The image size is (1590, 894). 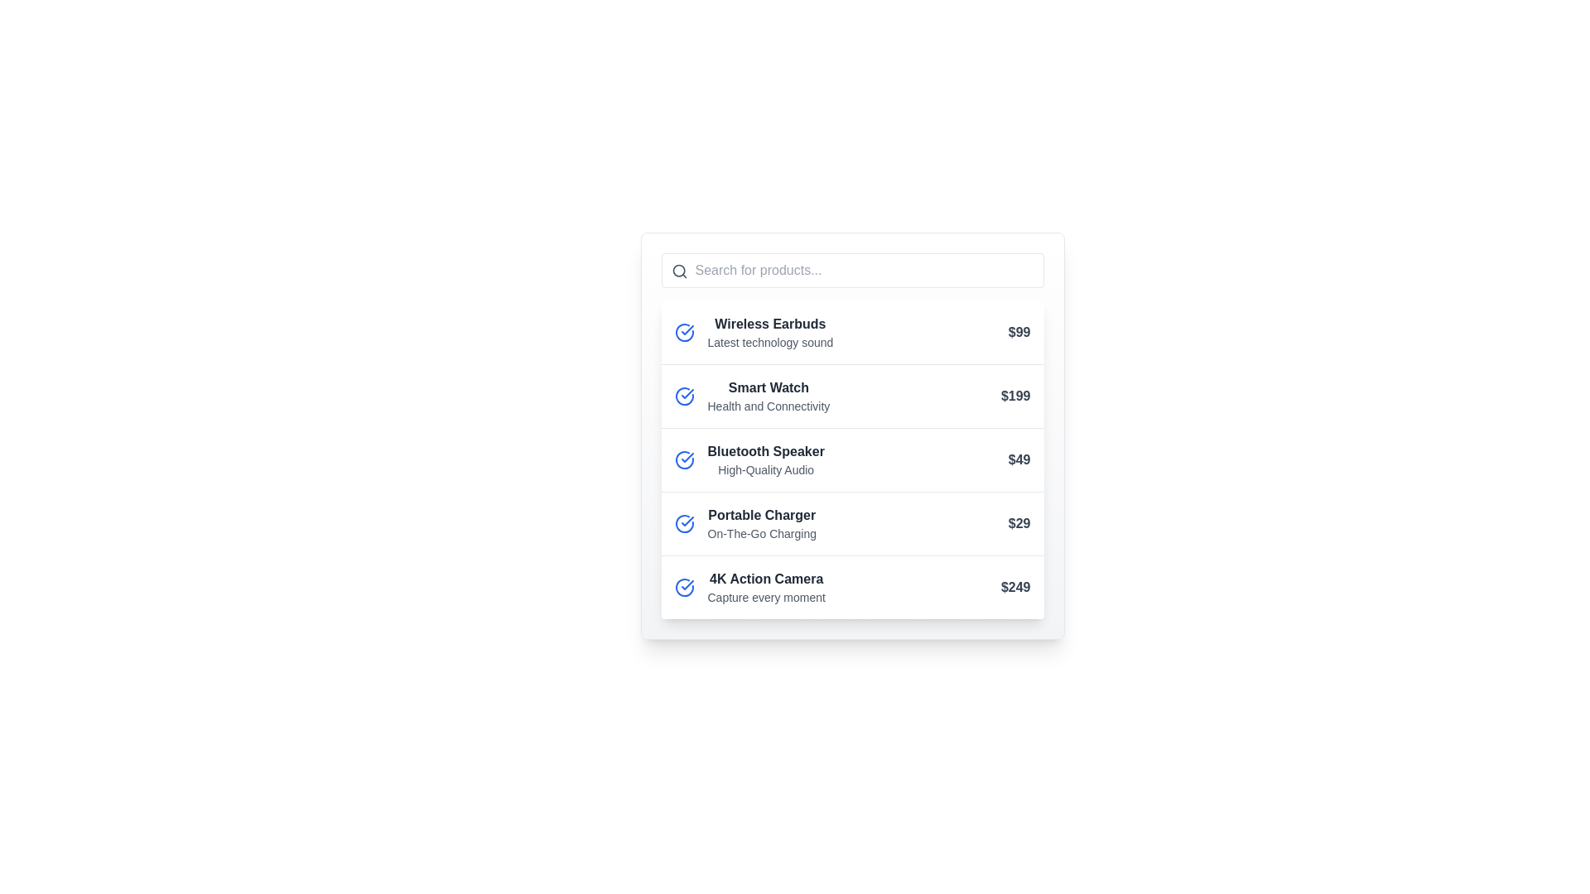 I want to click on text label displaying the title 'Wireless Earbuds' and subtitle 'Latest technology sound' located within the first item of the vertical product list, so click(x=769, y=332).